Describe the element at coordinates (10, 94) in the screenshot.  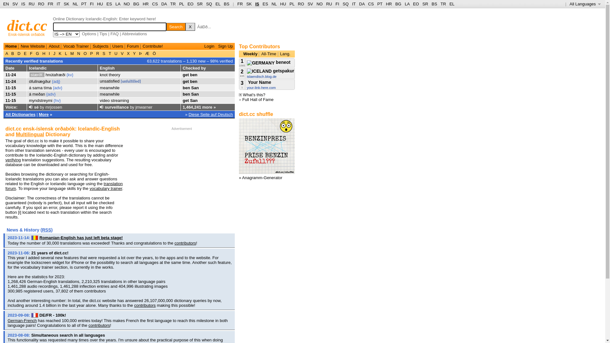
I see `'11-15'` at that location.